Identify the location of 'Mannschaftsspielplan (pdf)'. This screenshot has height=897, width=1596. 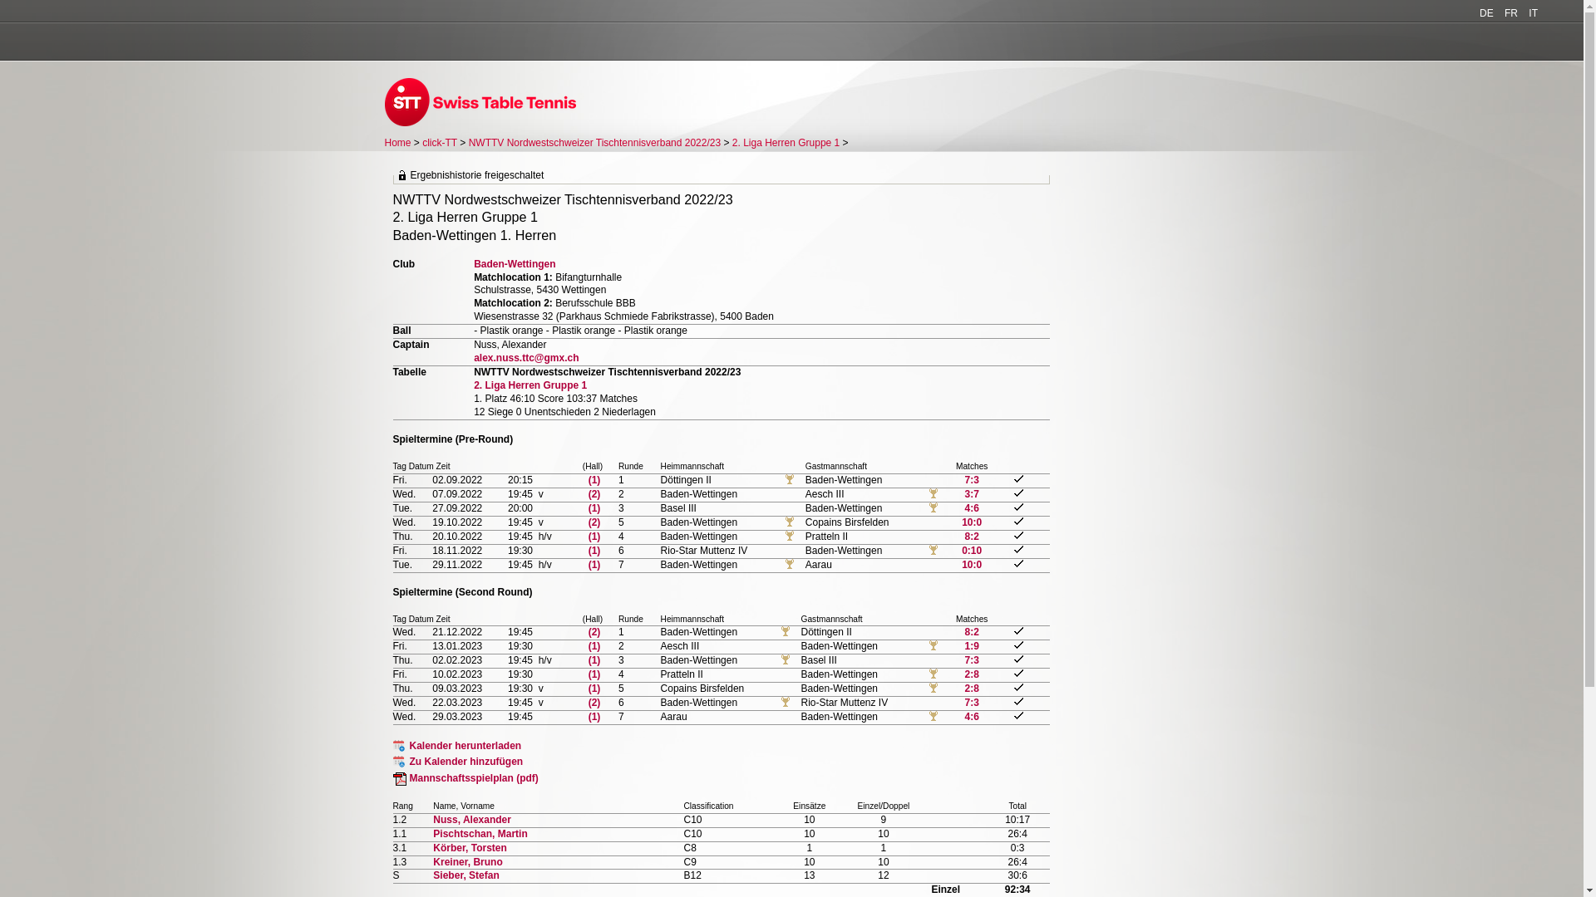
(465, 778).